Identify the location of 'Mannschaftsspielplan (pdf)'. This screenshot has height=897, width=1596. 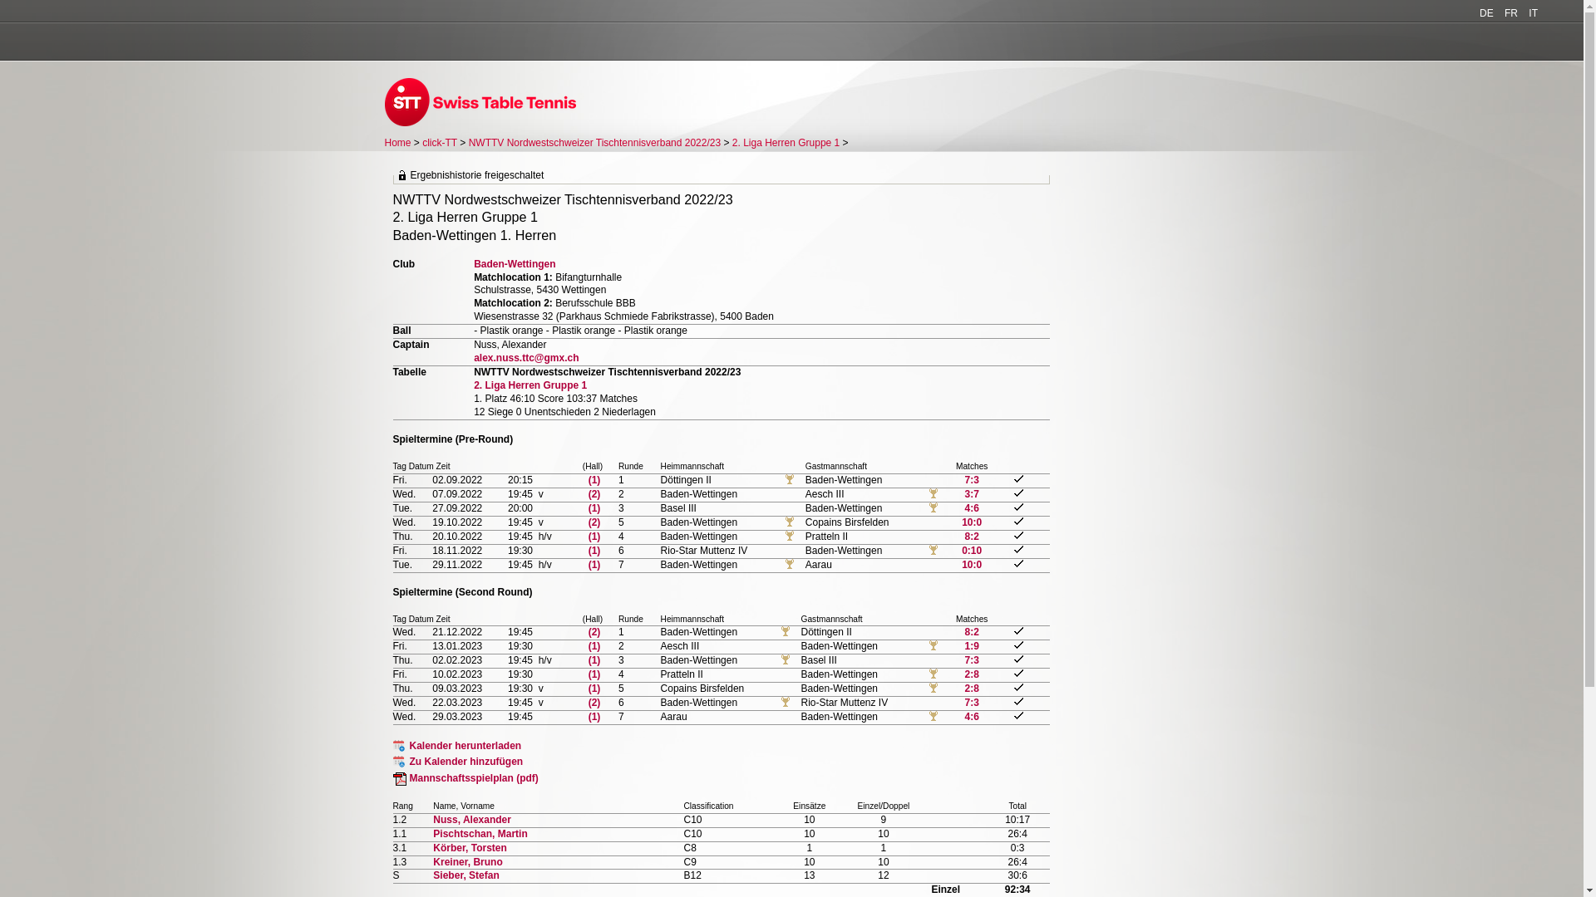
(465, 778).